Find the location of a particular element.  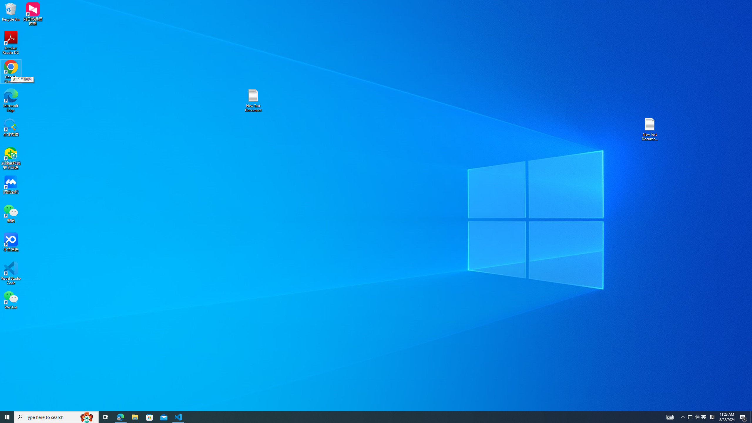

'Search highlights icon opens search home window' is located at coordinates (86, 417).